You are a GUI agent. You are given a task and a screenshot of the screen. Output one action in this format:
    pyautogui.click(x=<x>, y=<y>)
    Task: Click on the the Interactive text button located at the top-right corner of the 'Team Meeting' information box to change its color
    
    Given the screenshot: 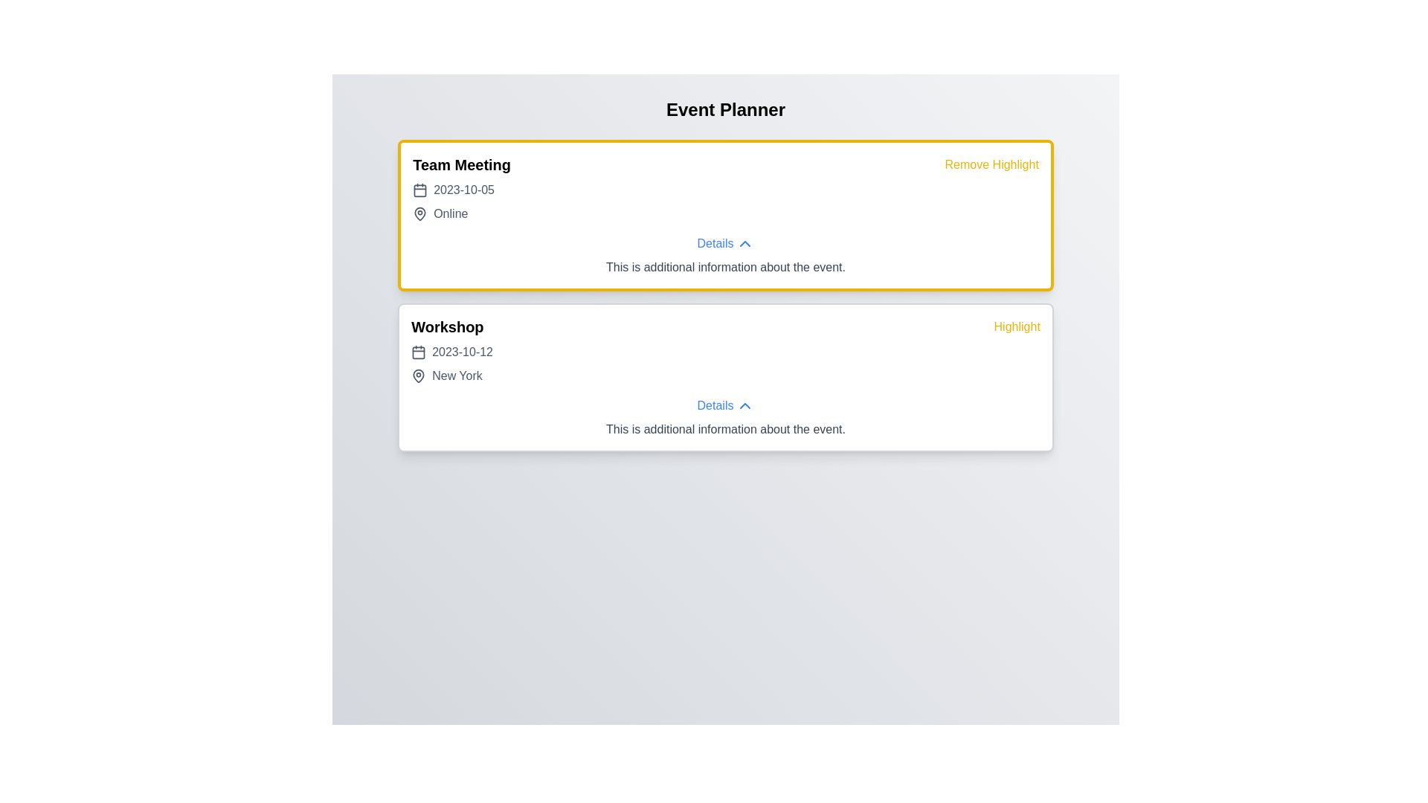 What is the action you would take?
    pyautogui.click(x=991, y=165)
    